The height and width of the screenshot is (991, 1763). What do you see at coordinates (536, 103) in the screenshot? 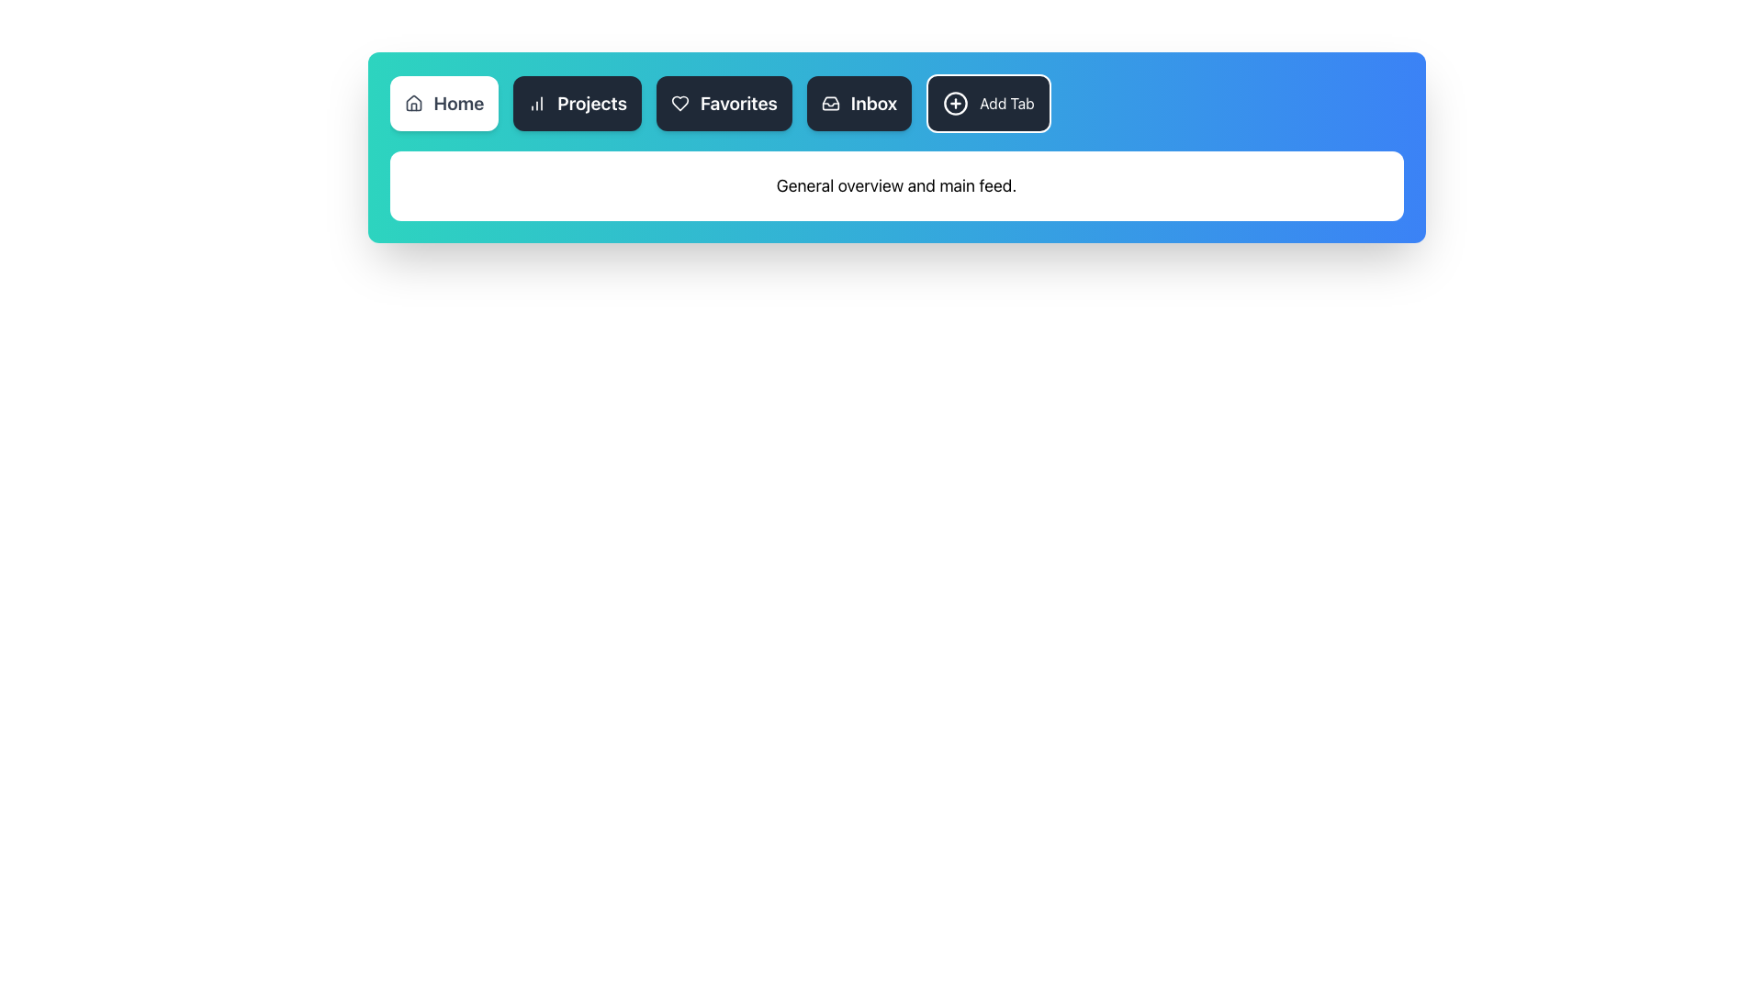
I see `the small icon displaying a bar chart with three vertical bars, located within the 'Projects' button in the navigation bar` at bounding box center [536, 103].